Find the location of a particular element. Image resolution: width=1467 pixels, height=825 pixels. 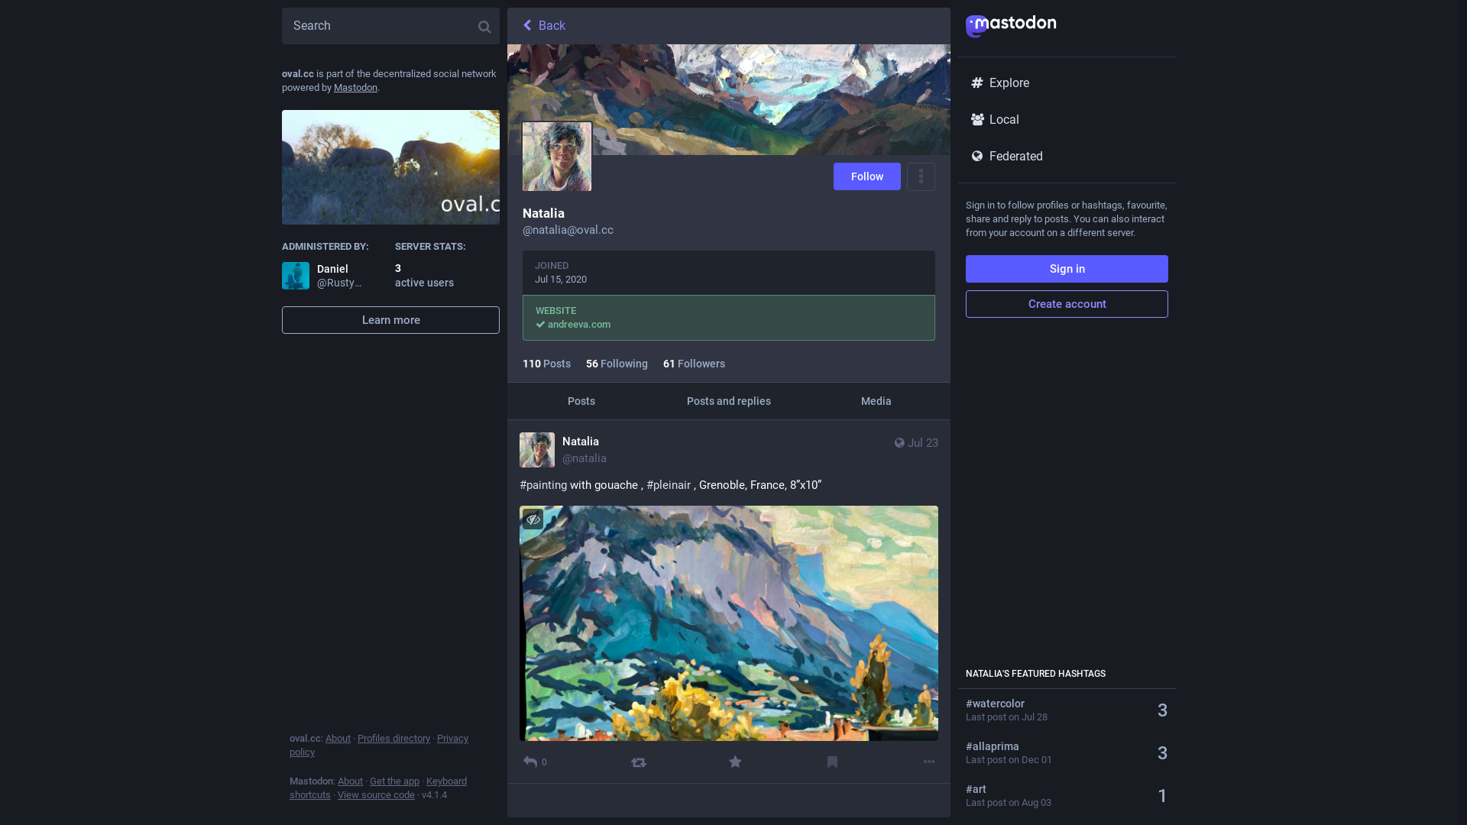

'Posts' is located at coordinates (580, 400).